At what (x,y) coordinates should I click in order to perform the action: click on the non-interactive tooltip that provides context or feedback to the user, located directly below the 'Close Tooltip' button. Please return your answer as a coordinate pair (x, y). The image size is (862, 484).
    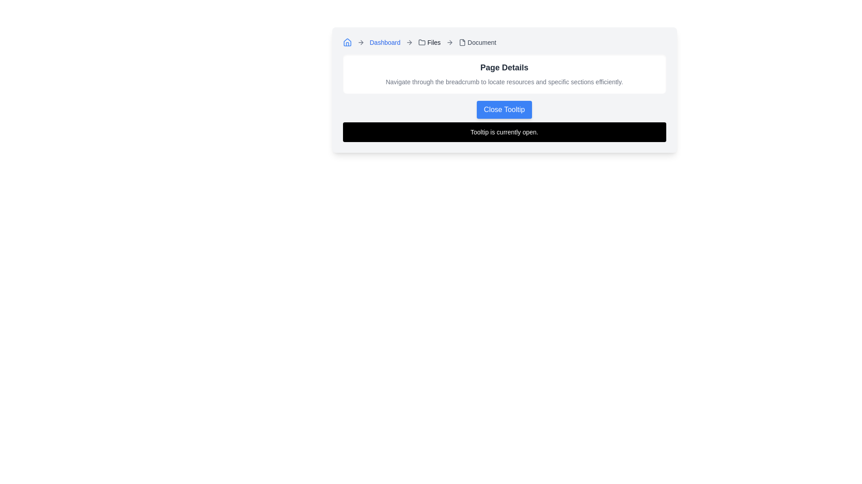
    Looking at the image, I should click on (504, 132).